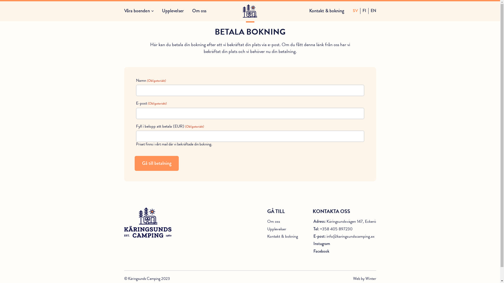  I want to click on 'Instagram', so click(313, 243).